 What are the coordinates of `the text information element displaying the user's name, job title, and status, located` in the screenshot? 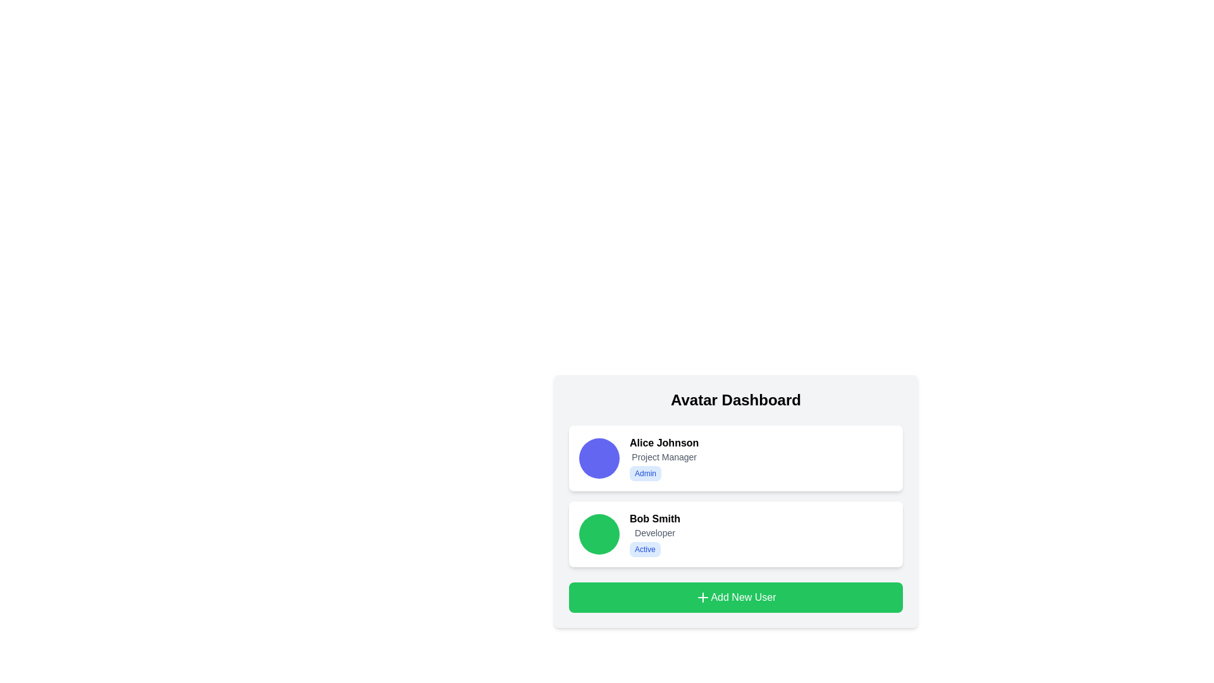 It's located at (655, 534).